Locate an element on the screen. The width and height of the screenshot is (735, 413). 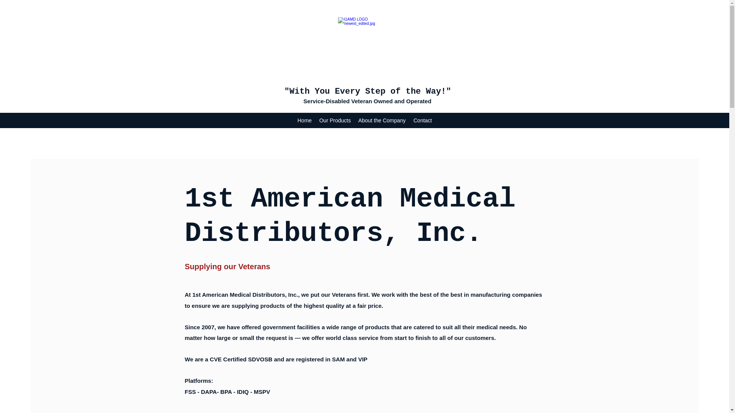
'About the Company' is located at coordinates (354, 120).